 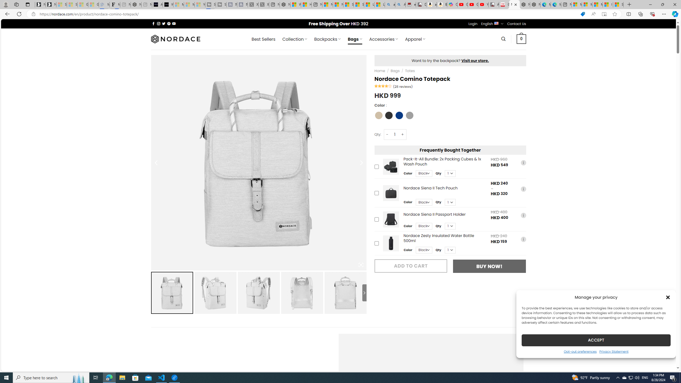 I want to click on 'amazon - Search', so click(x=390, y=4).